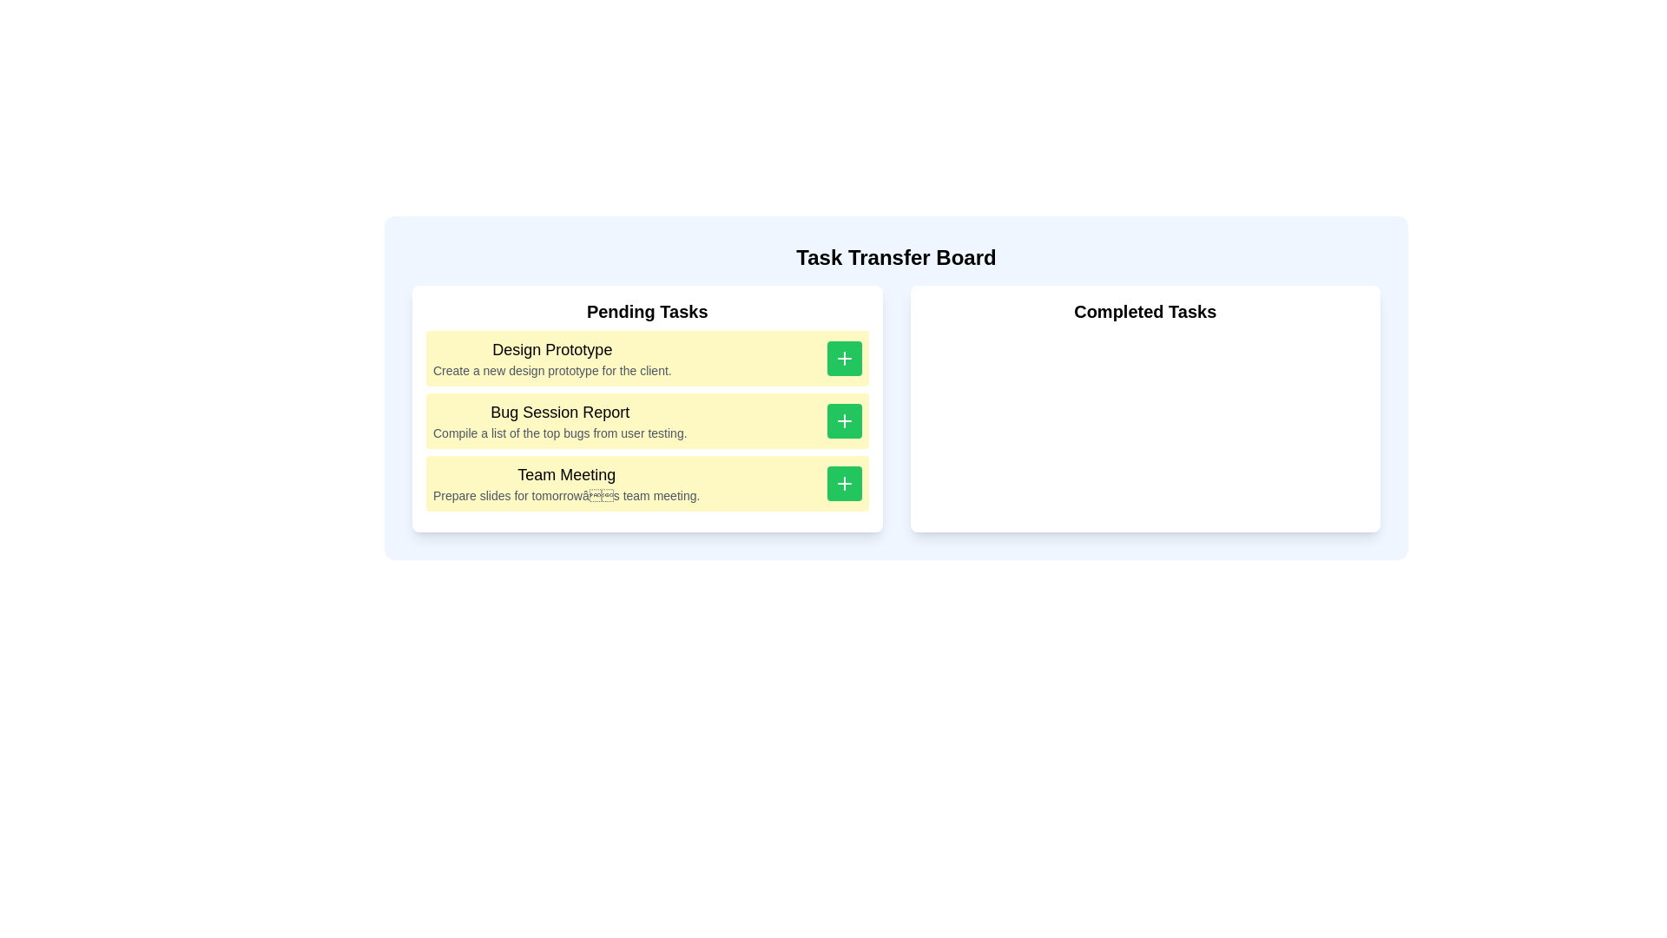  Describe the element at coordinates (844, 357) in the screenshot. I see `'+' button for the task 'Design Prototype' to move it to 'Completed Tasks'` at that location.